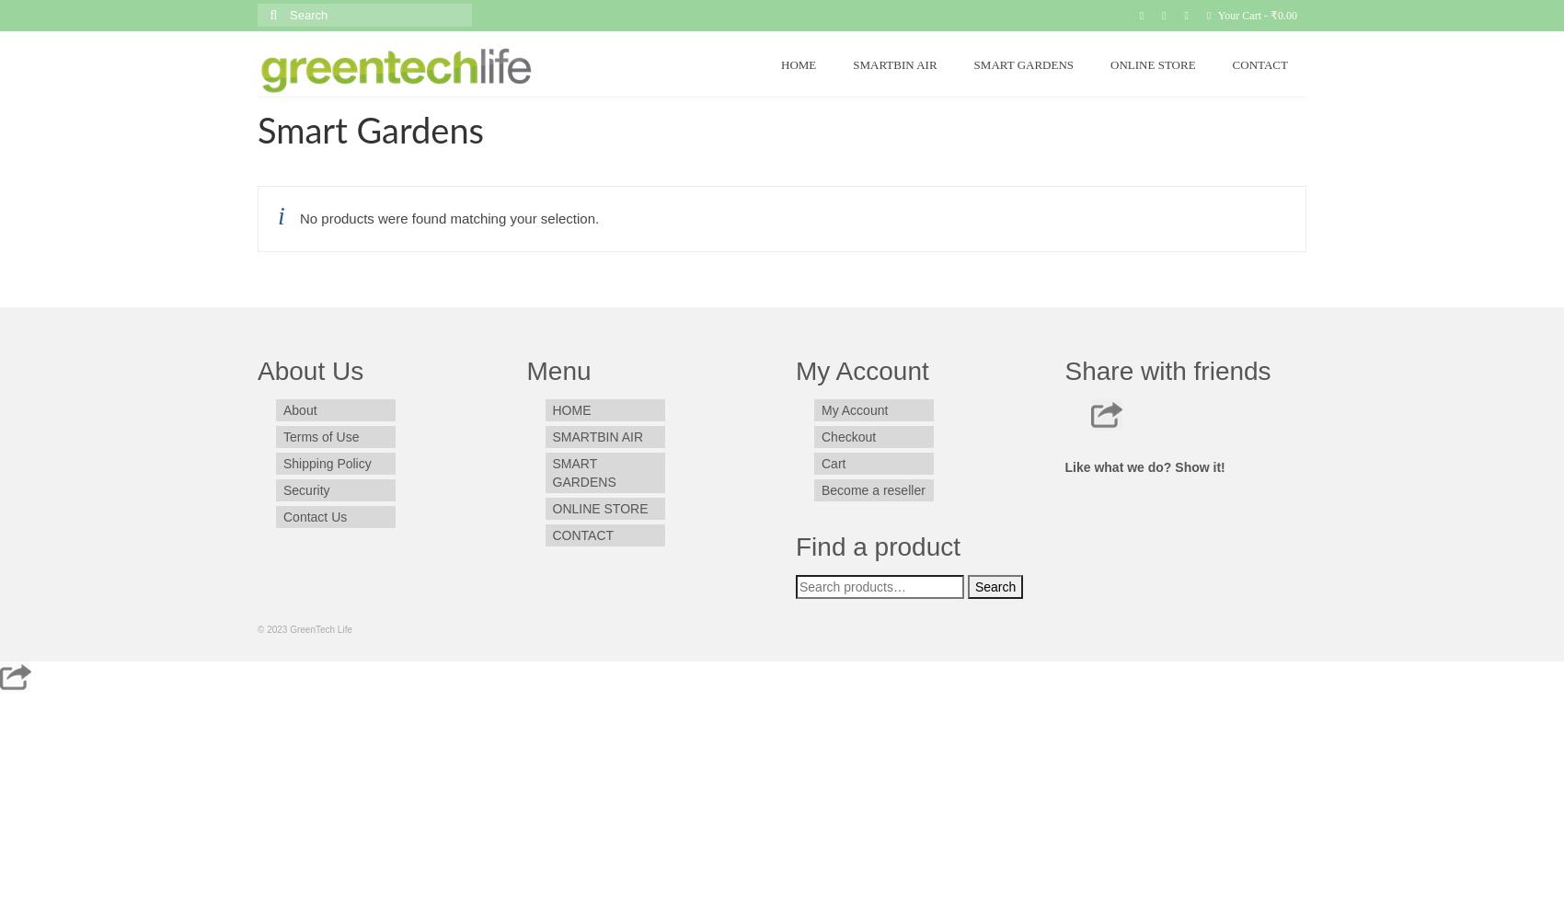  What do you see at coordinates (795, 546) in the screenshot?
I see `'Find a product'` at bounding box center [795, 546].